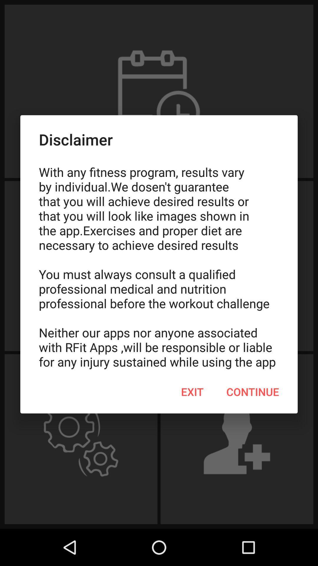  Describe the element at coordinates (192, 392) in the screenshot. I see `the exit` at that location.